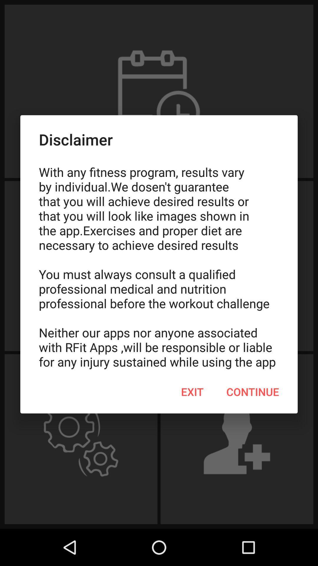  Describe the element at coordinates (192, 392) in the screenshot. I see `the exit` at that location.